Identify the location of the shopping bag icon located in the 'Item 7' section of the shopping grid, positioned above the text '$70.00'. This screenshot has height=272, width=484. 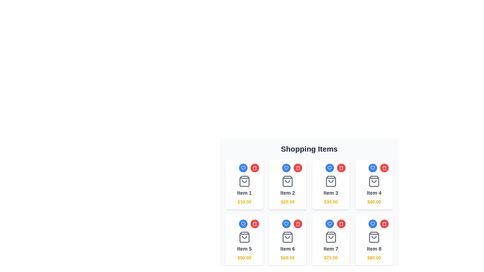
(331, 237).